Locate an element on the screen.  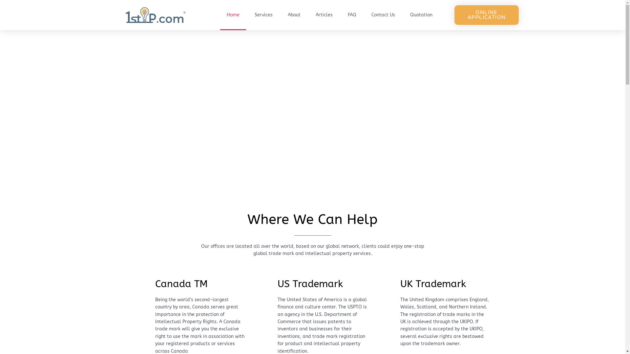
'Services' is located at coordinates (263, 15).